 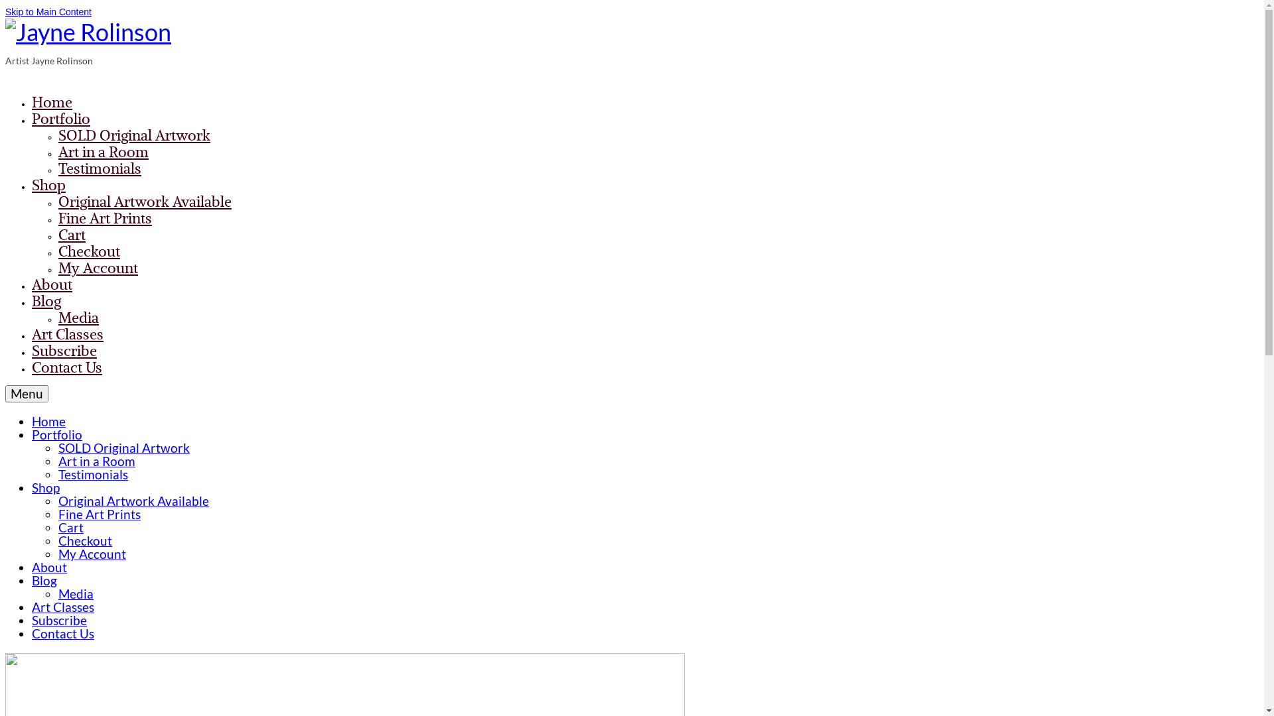 What do you see at coordinates (44, 579) in the screenshot?
I see `'Blog'` at bounding box center [44, 579].